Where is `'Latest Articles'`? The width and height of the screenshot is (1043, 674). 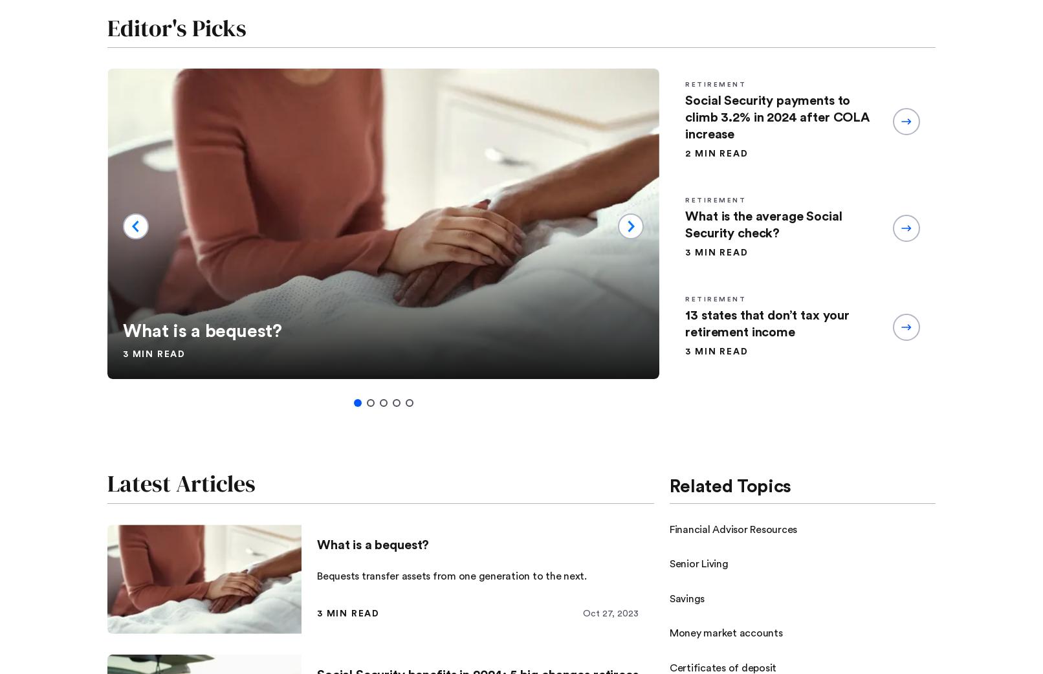
'Latest Articles' is located at coordinates (181, 483).